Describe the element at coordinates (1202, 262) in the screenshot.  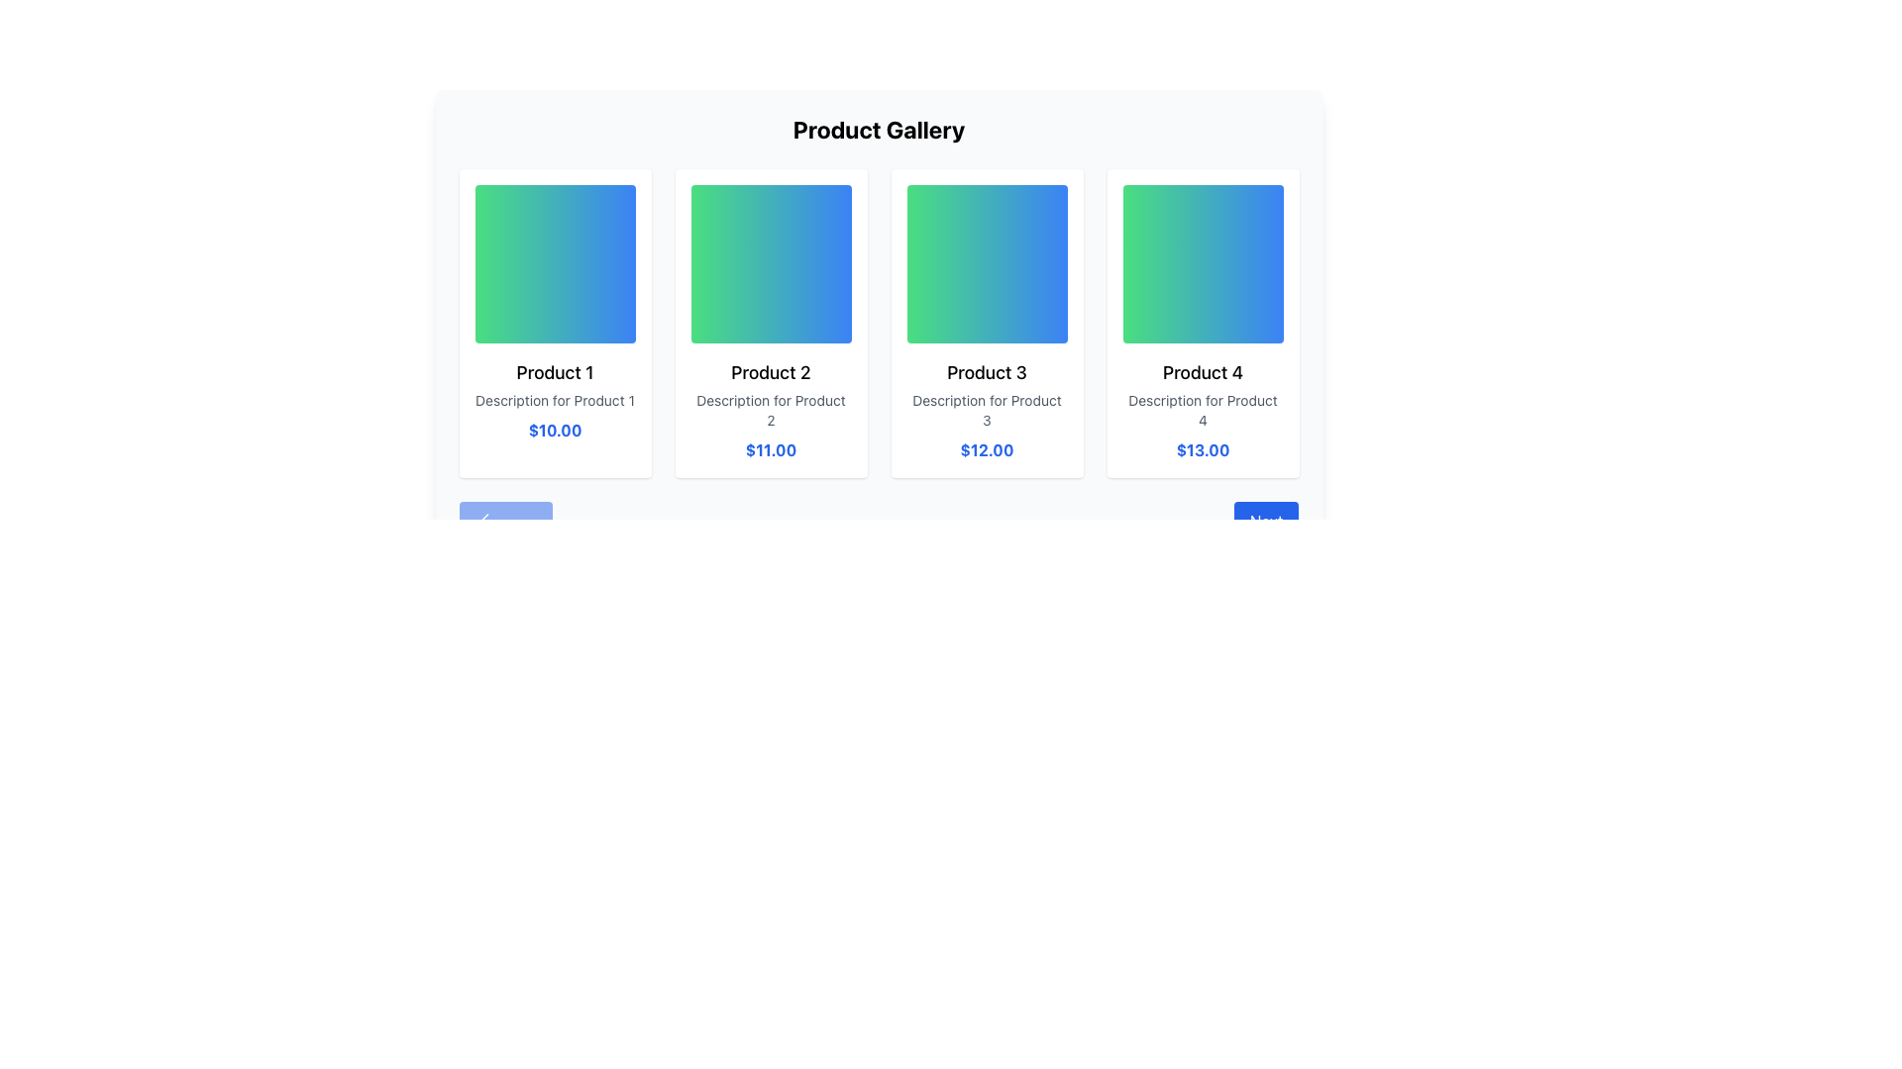
I see `the decorative element located at the top of the 'Product 4' card, which serves as a visual representation or banner associated with the product` at that location.